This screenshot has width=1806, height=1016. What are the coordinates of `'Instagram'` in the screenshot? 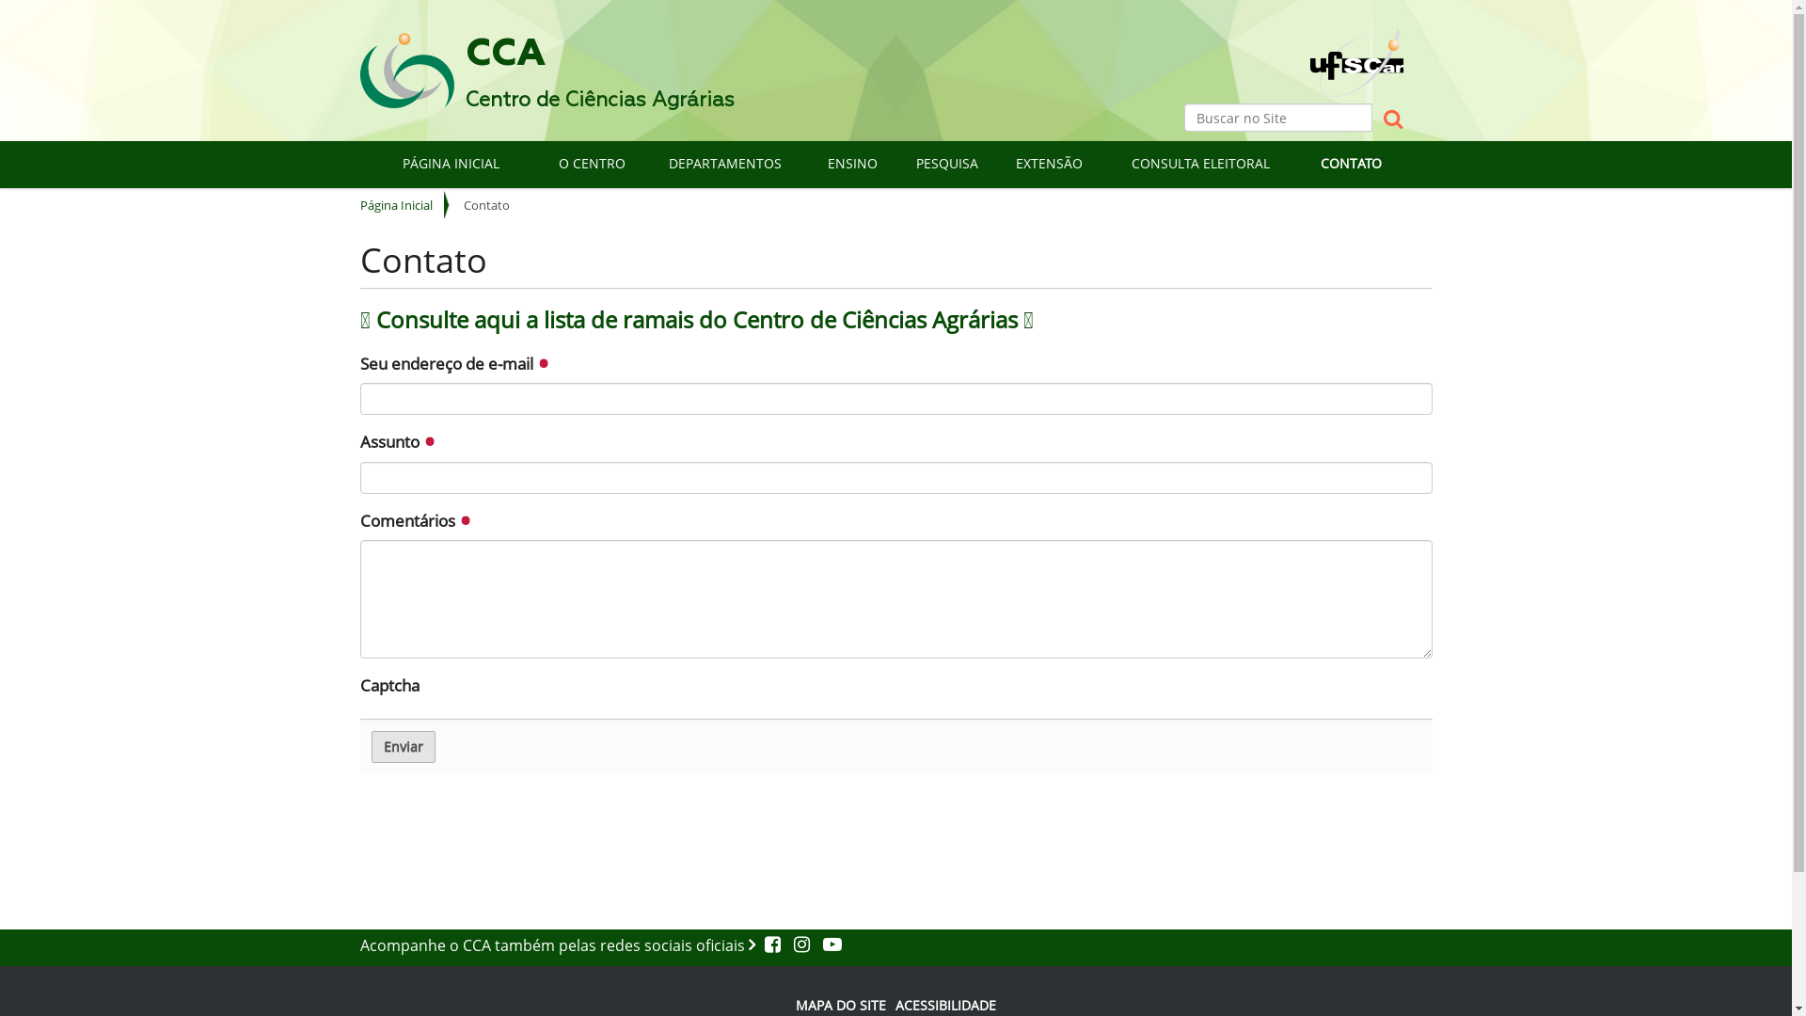 It's located at (799, 945).